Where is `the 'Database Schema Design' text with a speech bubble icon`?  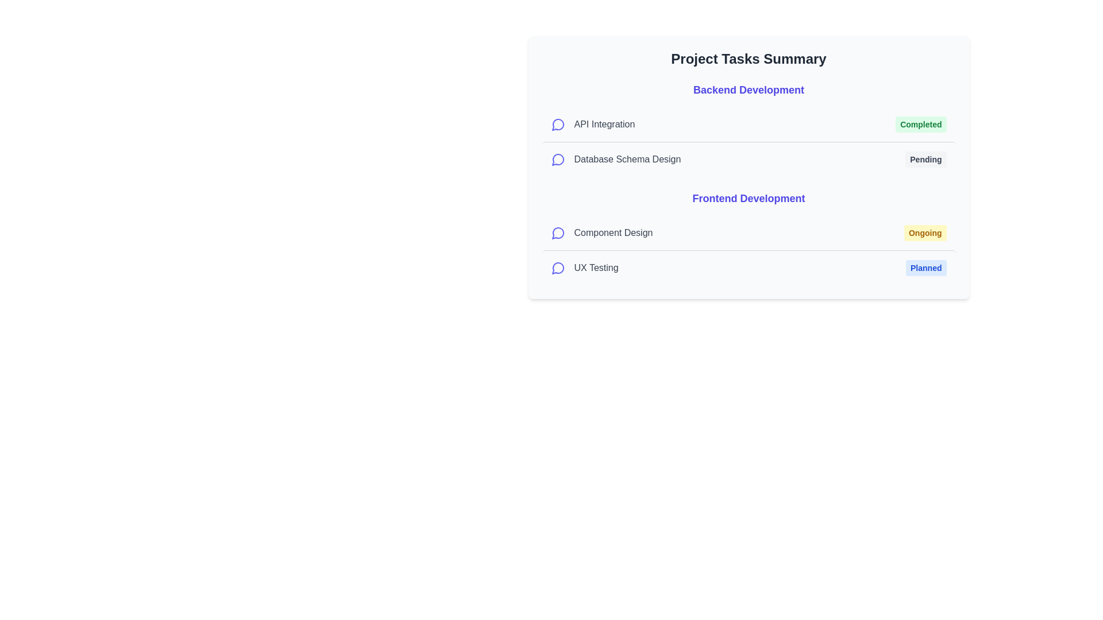
the 'Database Schema Design' text with a speech bubble icon is located at coordinates (615, 159).